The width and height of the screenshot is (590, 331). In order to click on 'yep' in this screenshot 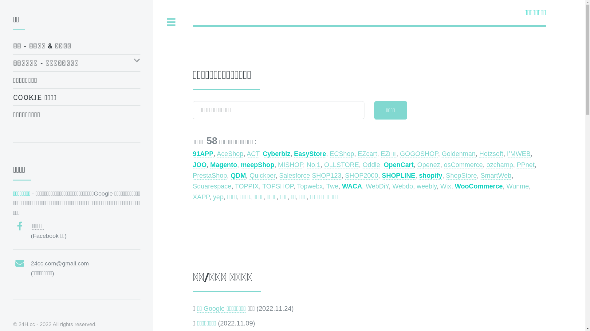, I will do `click(218, 197)`.